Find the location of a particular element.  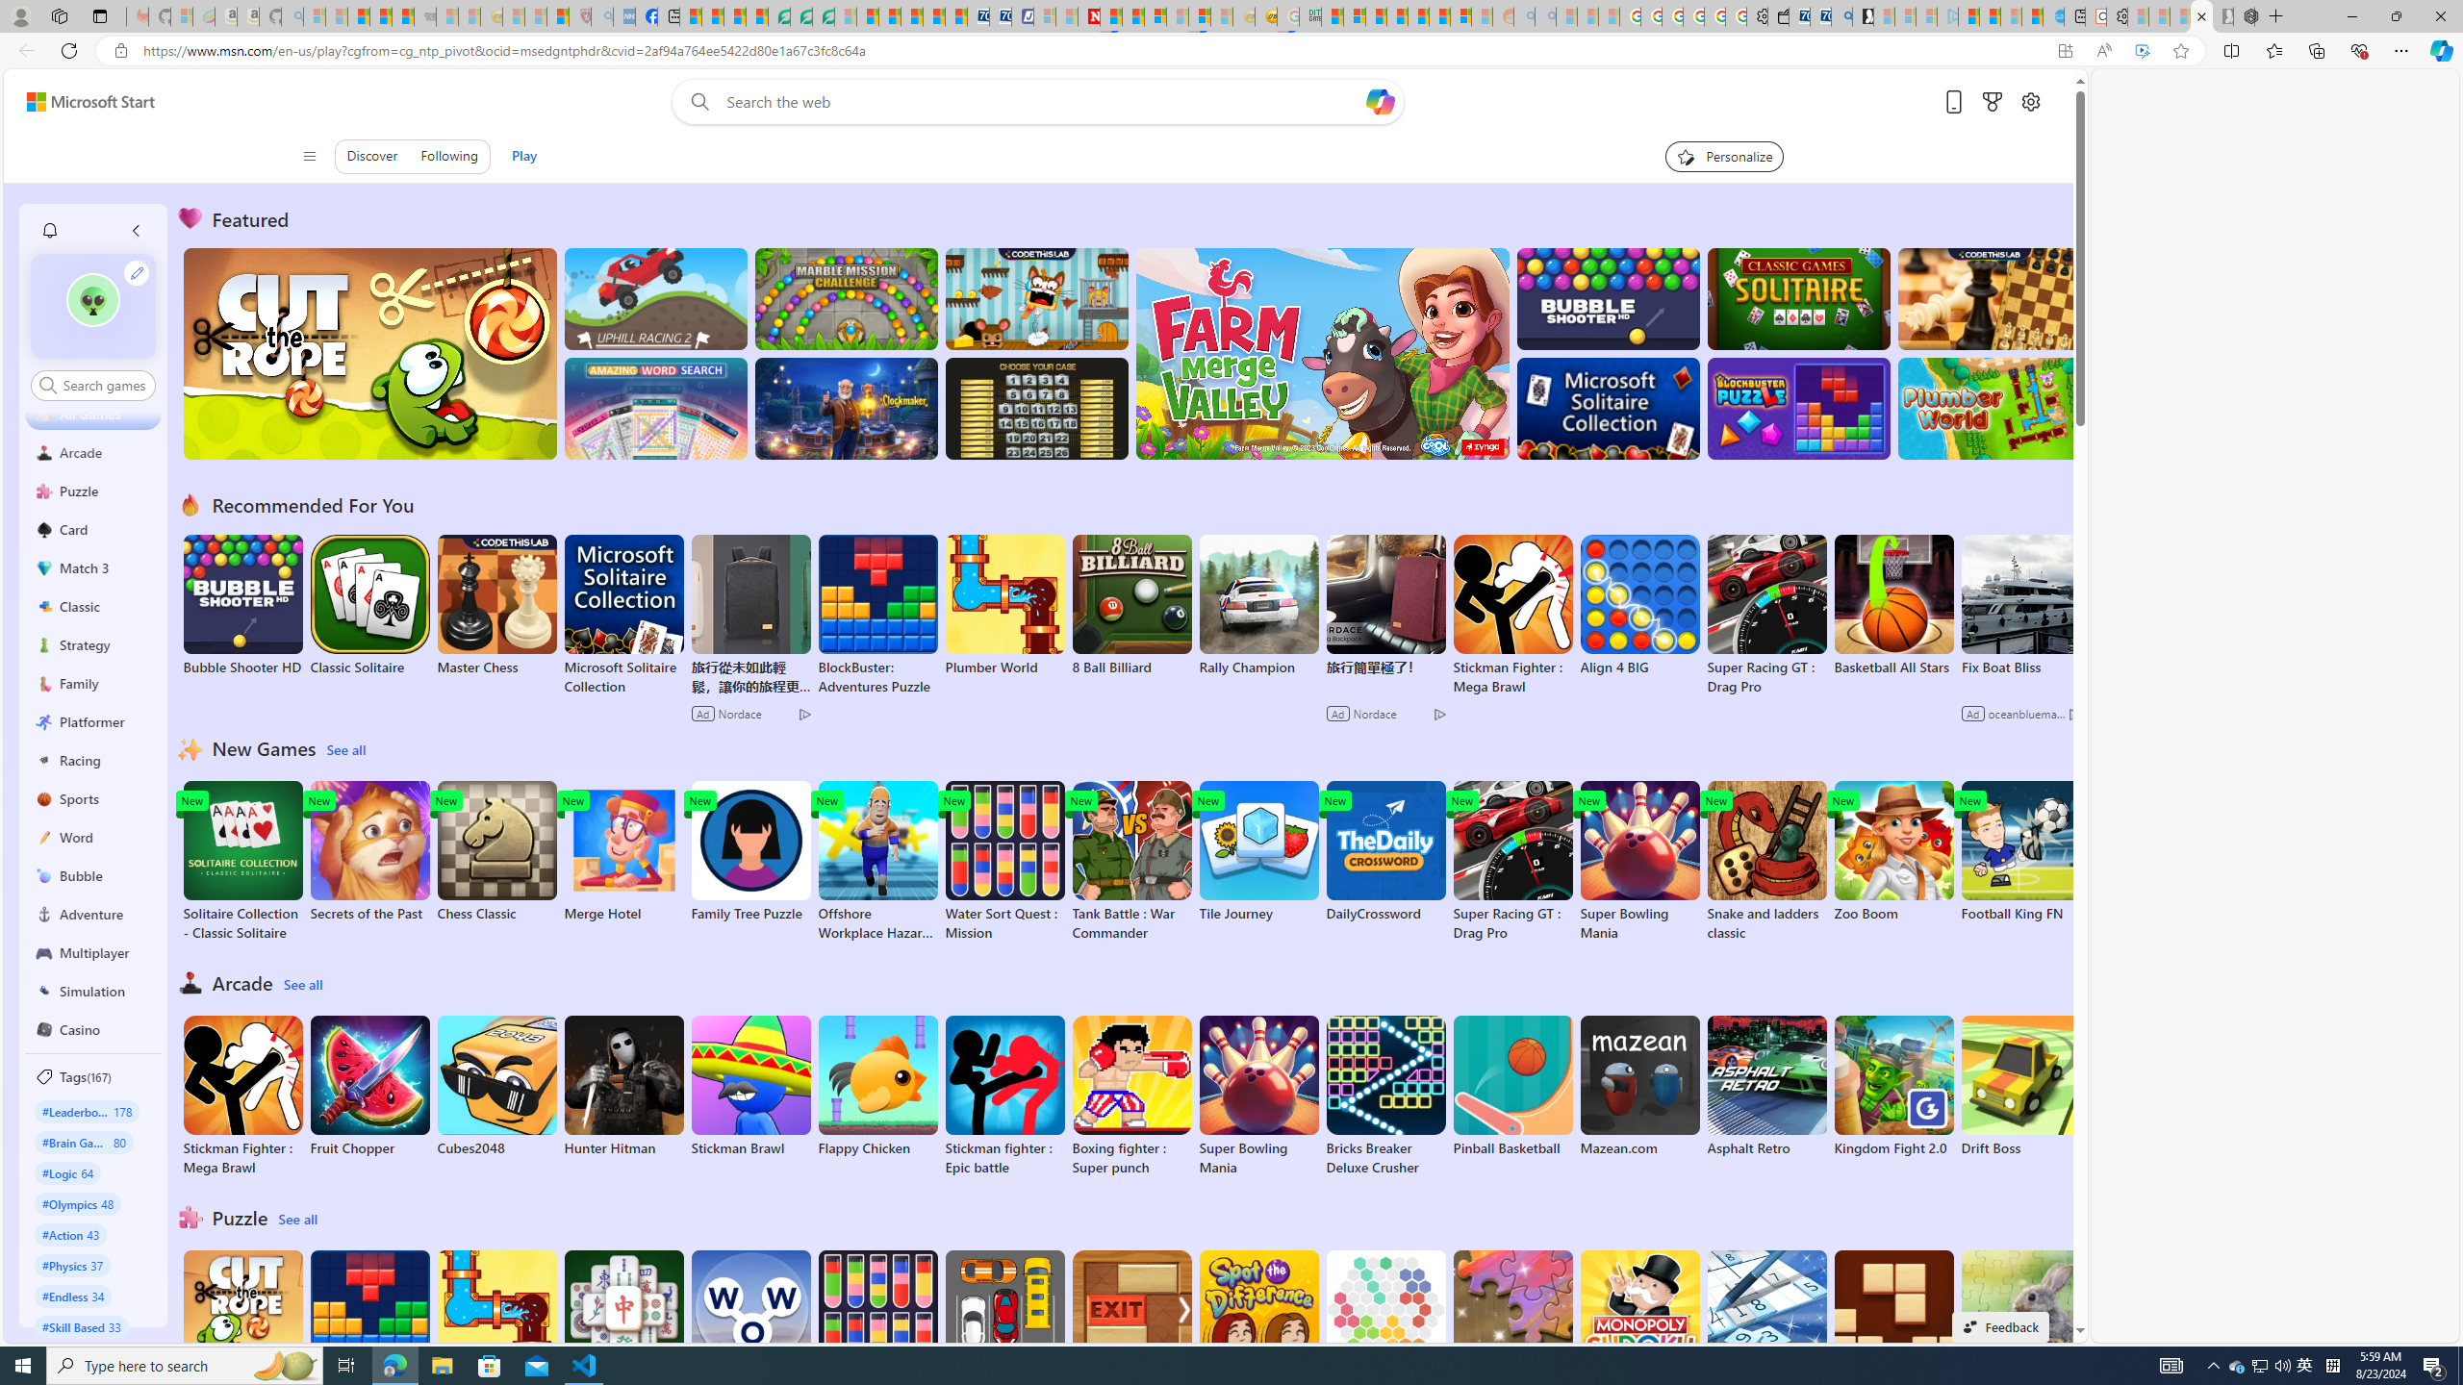

'Student Loan Update: Forgiveness Program Ends This Month' is located at coordinates (1396, 15).